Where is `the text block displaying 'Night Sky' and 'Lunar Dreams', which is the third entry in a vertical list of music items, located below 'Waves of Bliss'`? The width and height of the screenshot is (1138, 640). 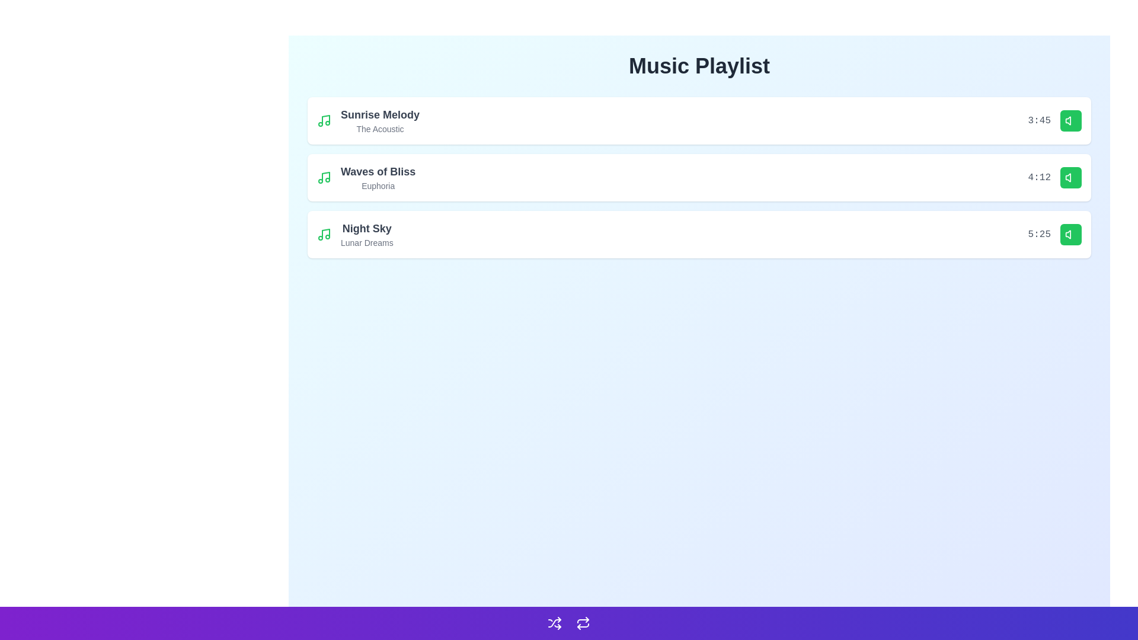 the text block displaying 'Night Sky' and 'Lunar Dreams', which is the third entry in a vertical list of music items, located below 'Waves of Bliss' is located at coordinates (366, 235).